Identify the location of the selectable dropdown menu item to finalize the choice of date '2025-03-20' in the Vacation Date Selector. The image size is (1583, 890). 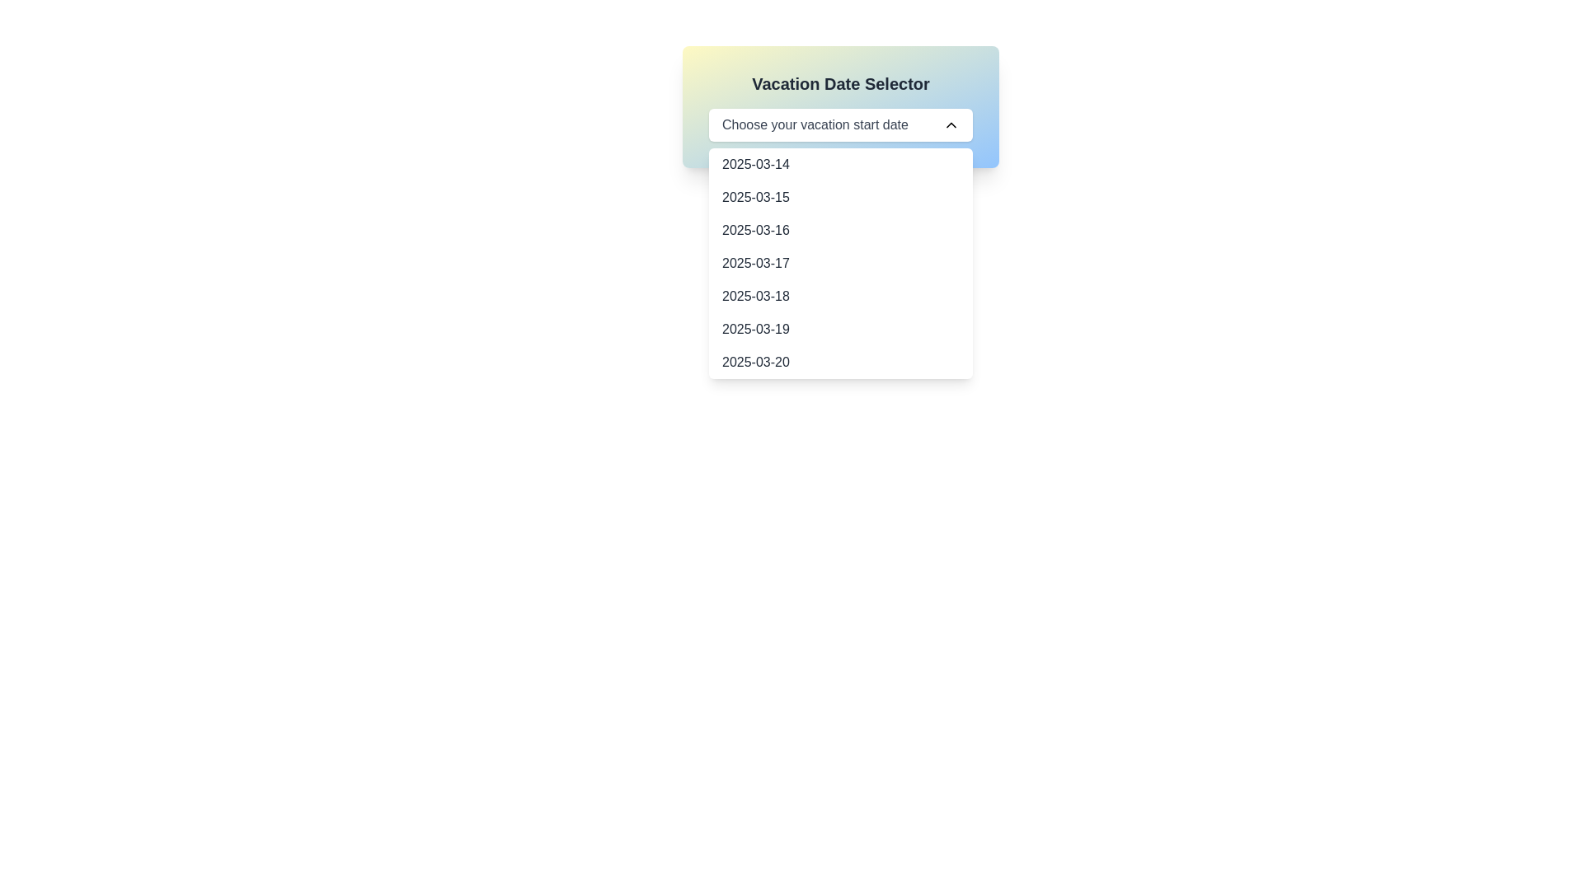
(754, 361).